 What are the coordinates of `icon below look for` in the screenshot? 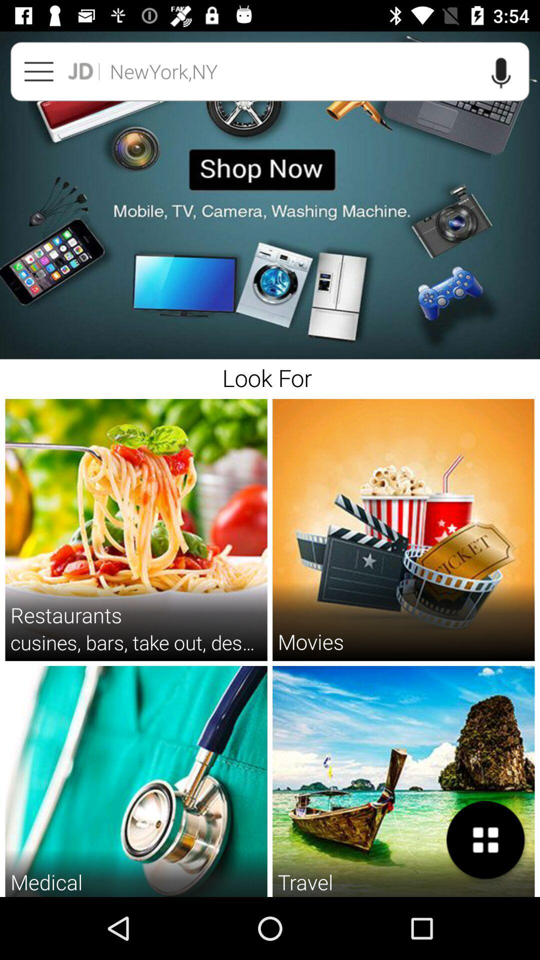 It's located at (310, 641).